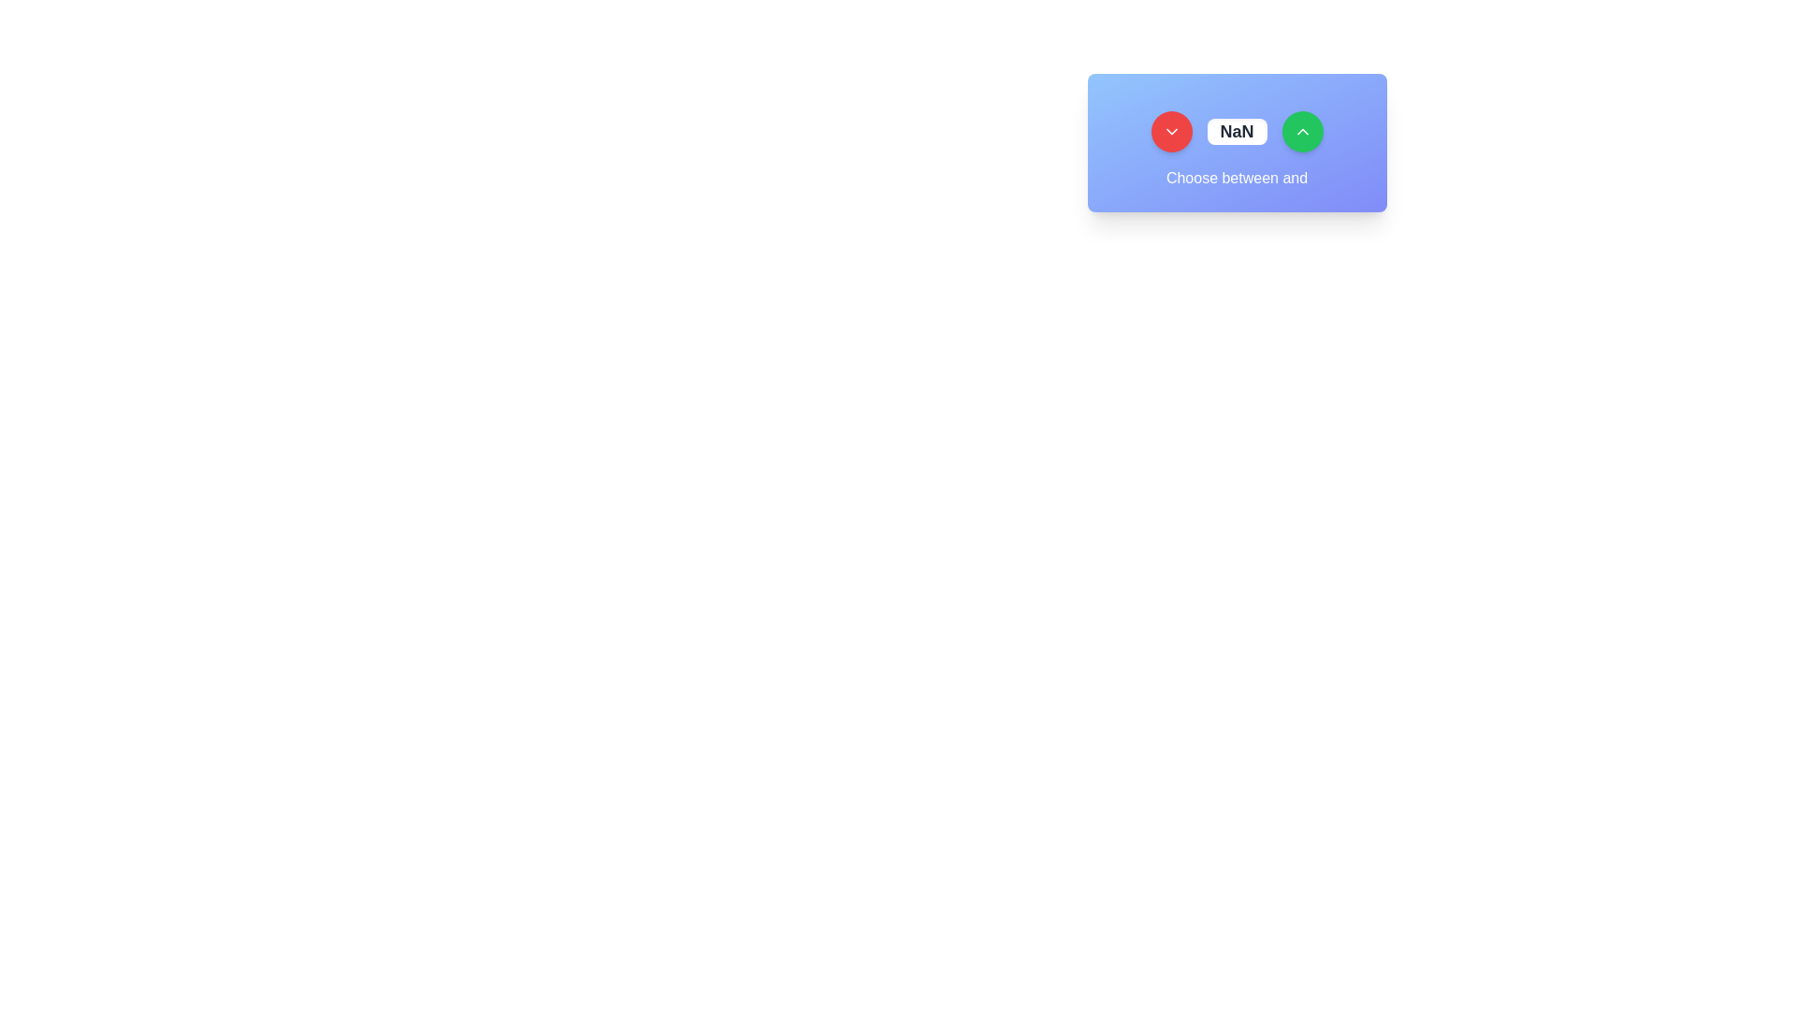 Image resolution: width=1796 pixels, height=1010 pixels. I want to click on the non-editable text display field that shows 'NaN', located centrally between the red downward chevron and green upward chevron buttons, so click(1237, 131).